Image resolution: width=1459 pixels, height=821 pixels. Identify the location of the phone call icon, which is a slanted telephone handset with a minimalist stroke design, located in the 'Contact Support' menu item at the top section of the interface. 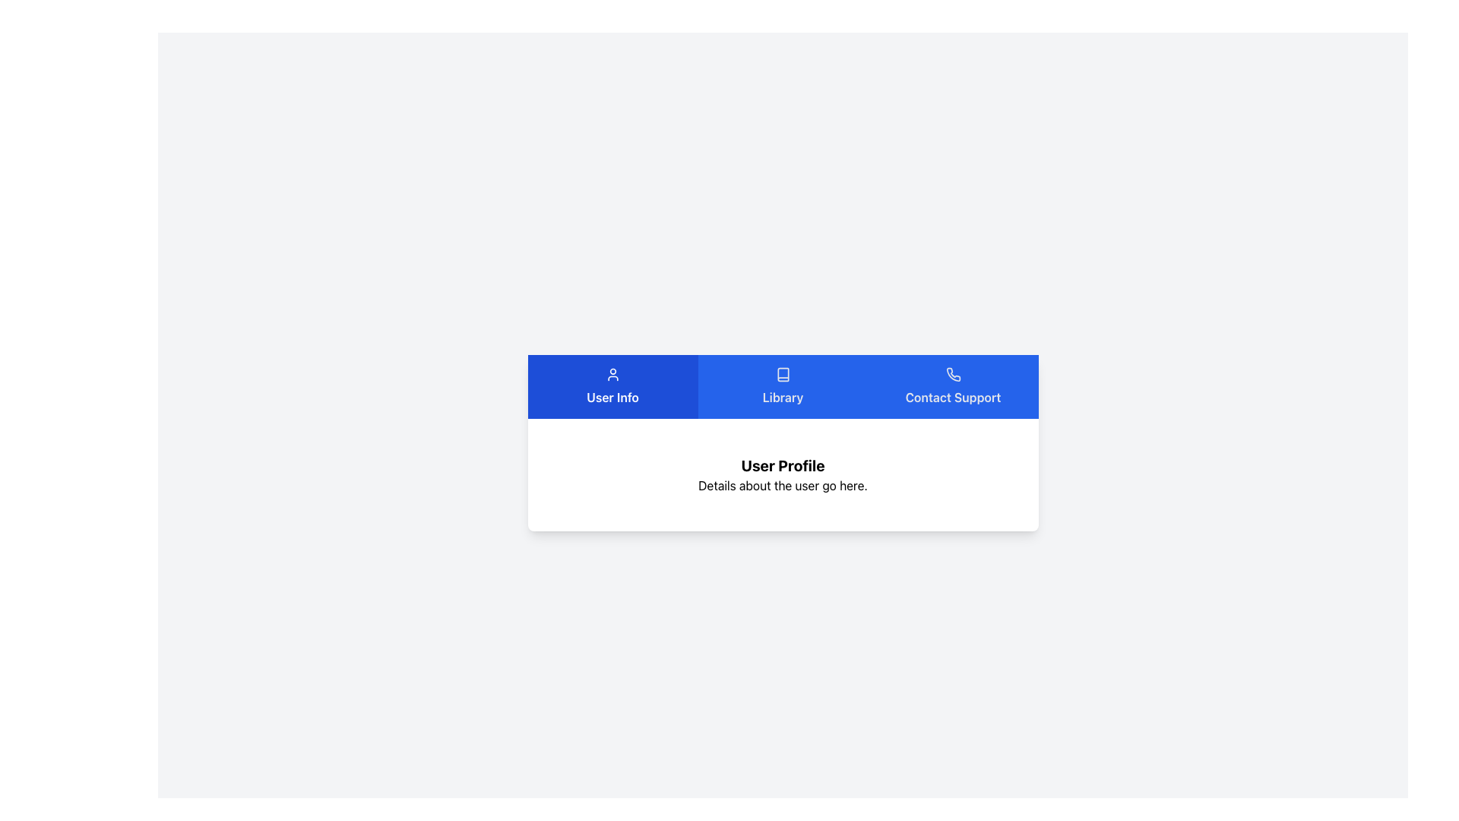
(952, 375).